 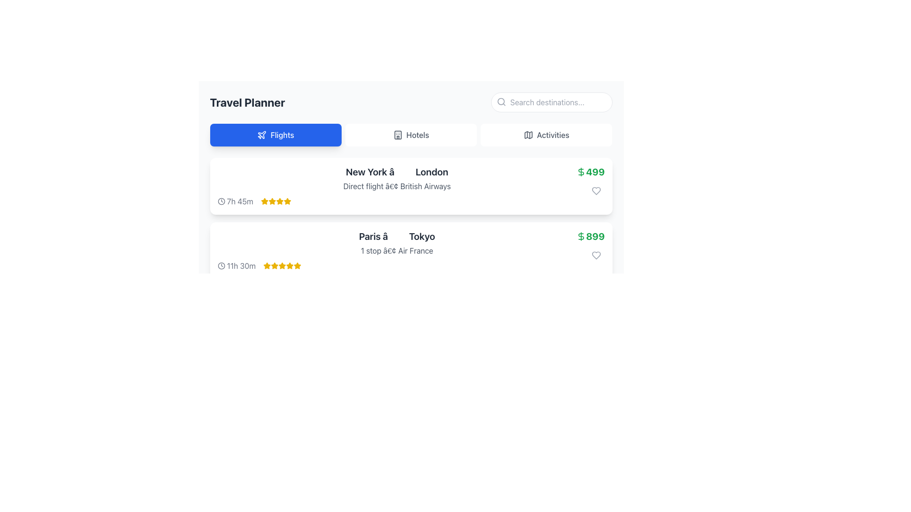 I want to click on the hotel building icon located in the 'Hotels' tab button in the navigation section of the interface, so click(x=398, y=135).